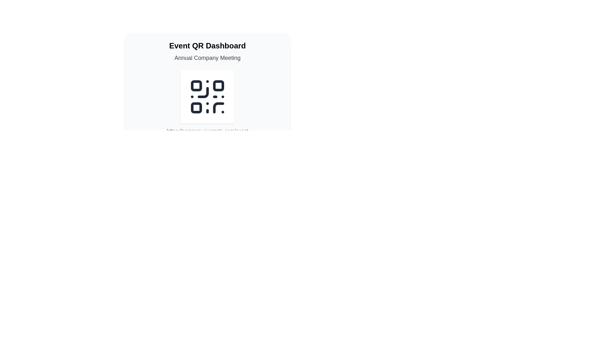  Describe the element at coordinates (207, 114) in the screenshot. I see `displayed information from the Information display card that has a bold heading 'Event QR Dashboard' and a subtitle 'Annual Company Meeting', centrally positioned in the interface` at that location.